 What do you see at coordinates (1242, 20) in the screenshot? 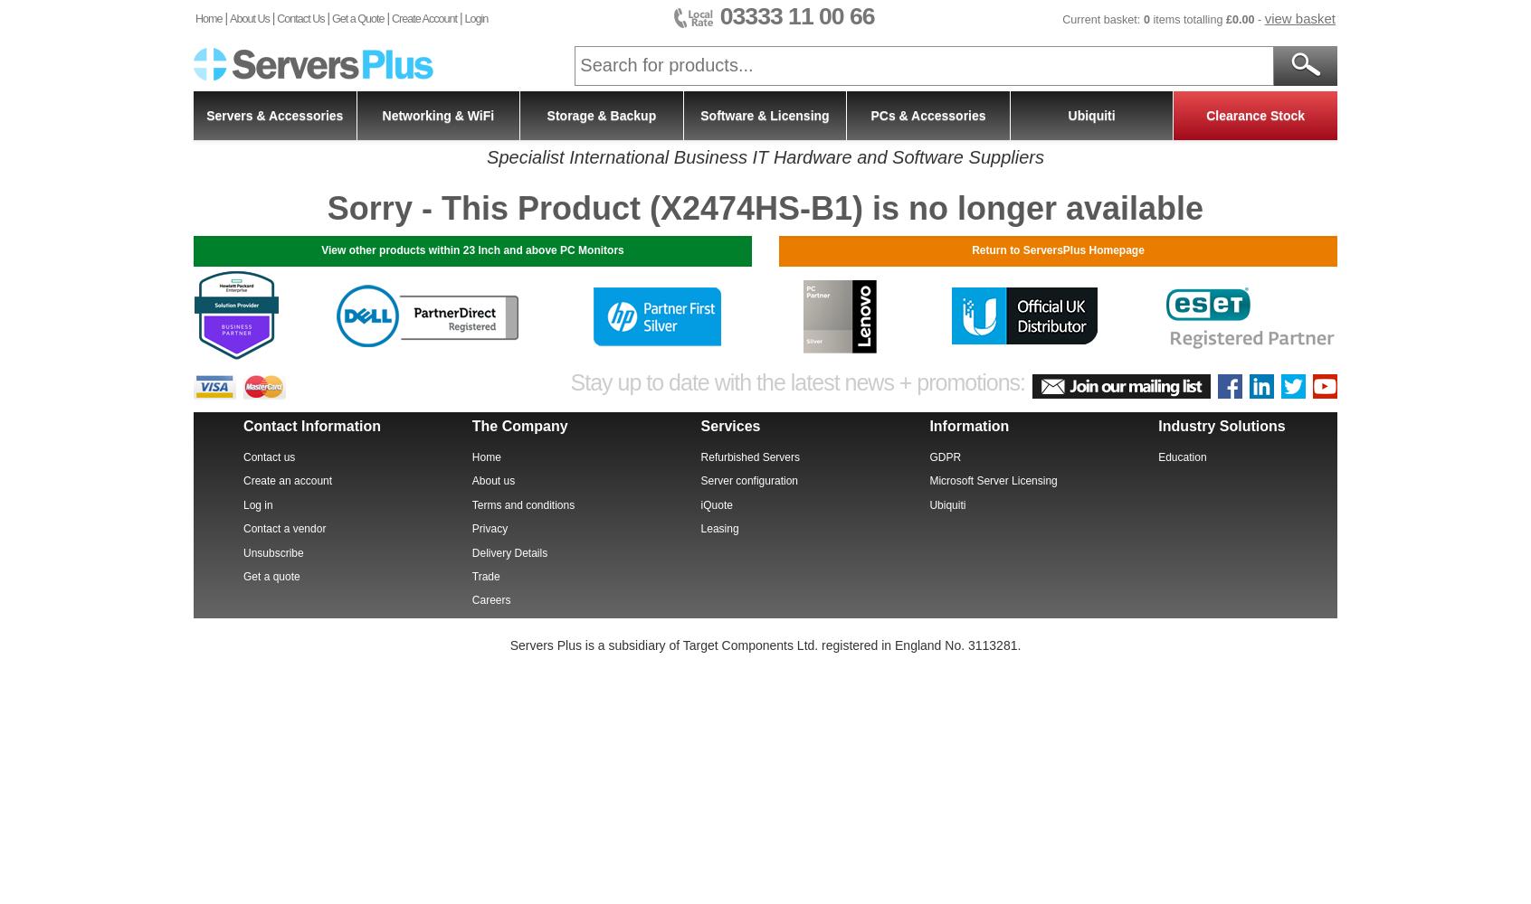
I see `'0.00'` at bounding box center [1242, 20].